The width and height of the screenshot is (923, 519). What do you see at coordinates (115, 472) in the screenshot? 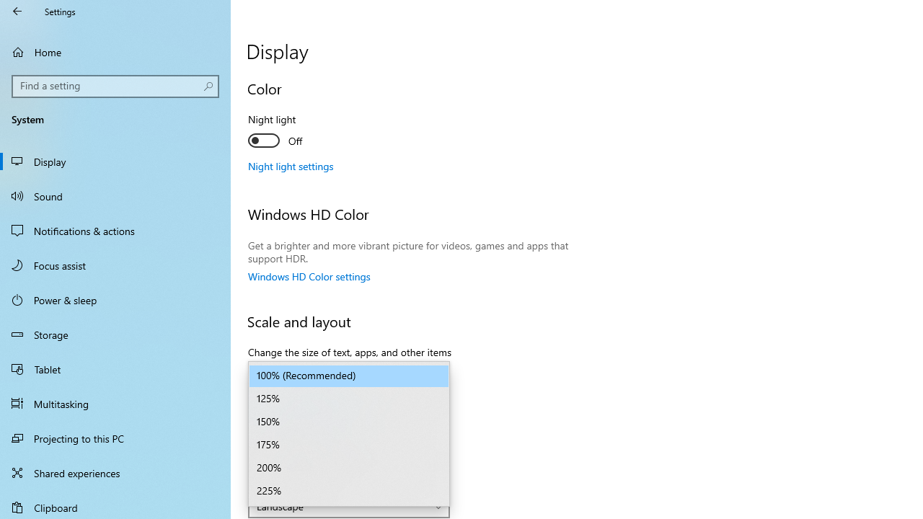
I see `'Shared experiences'` at bounding box center [115, 472].